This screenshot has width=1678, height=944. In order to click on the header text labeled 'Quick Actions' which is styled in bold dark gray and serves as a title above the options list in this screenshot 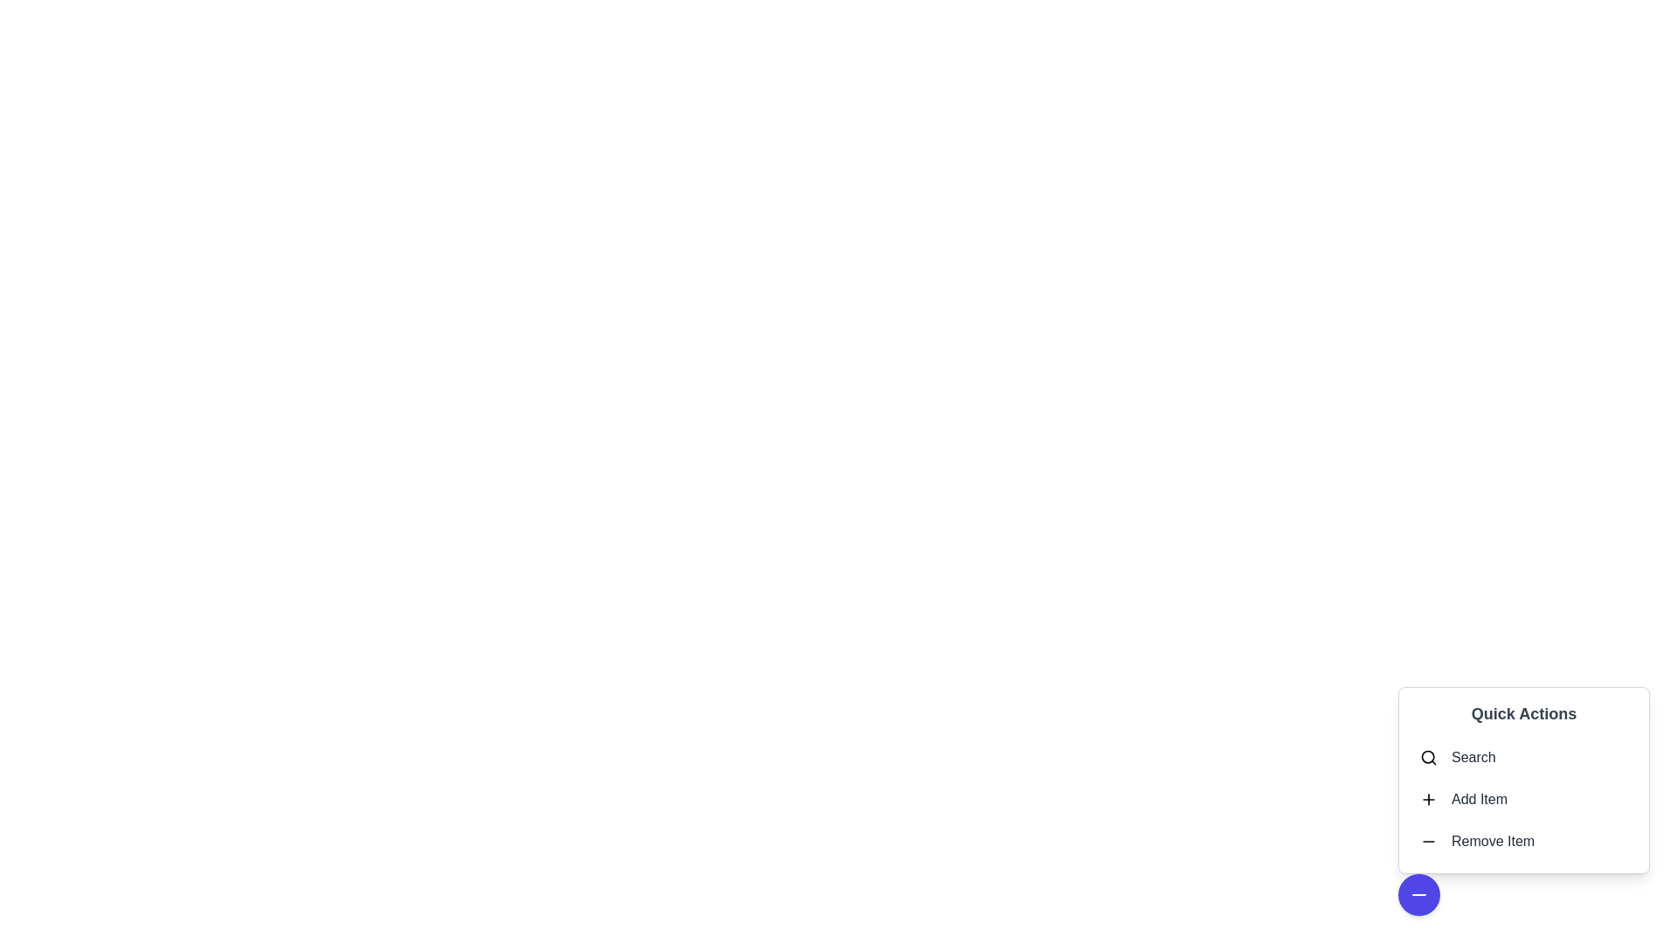, I will do `click(1522, 714)`.